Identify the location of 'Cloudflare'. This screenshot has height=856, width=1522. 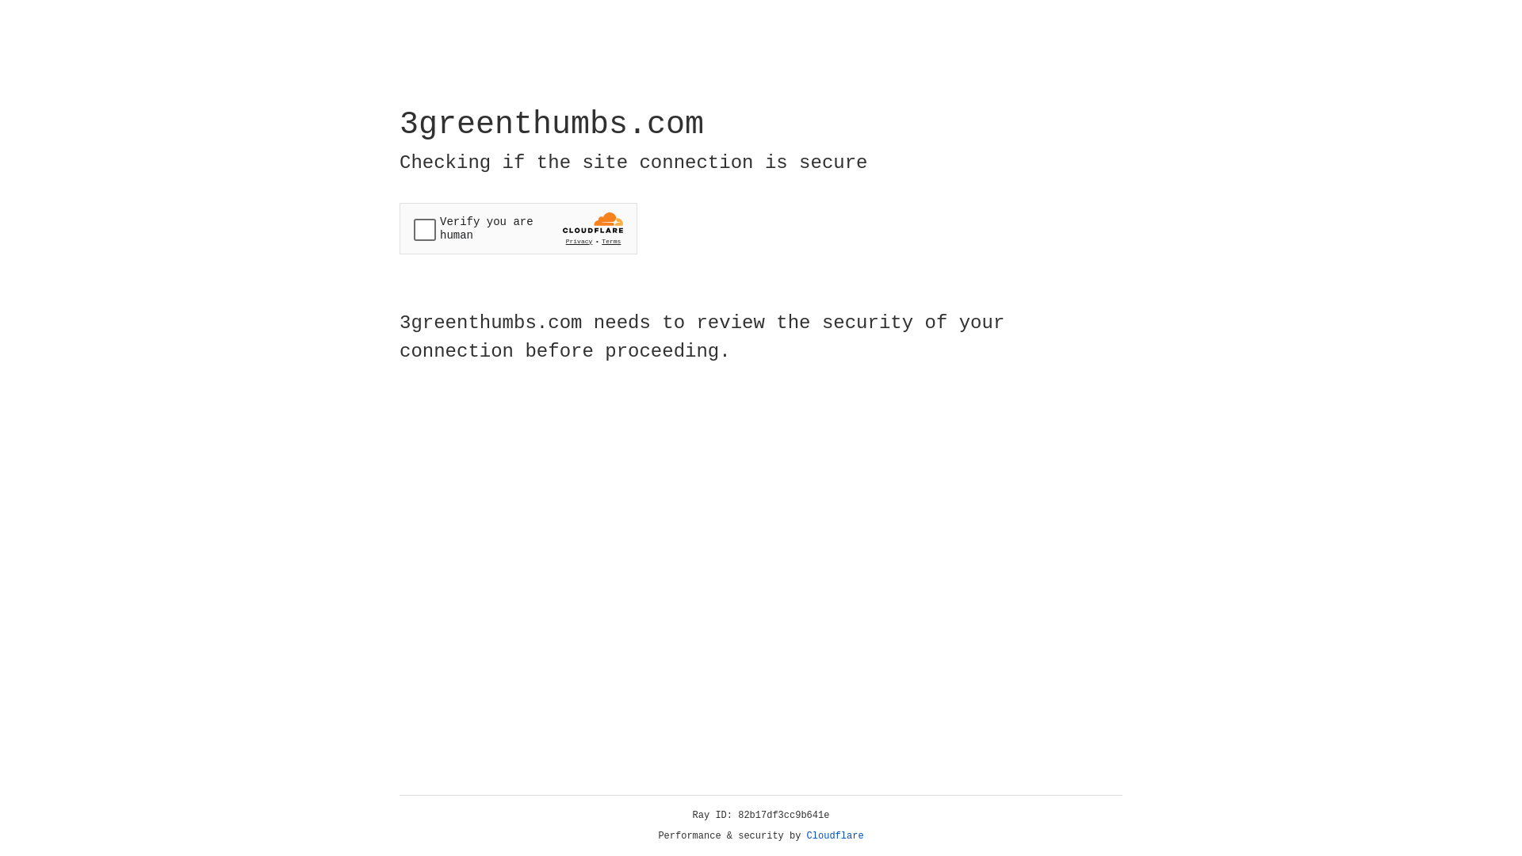
(835, 835).